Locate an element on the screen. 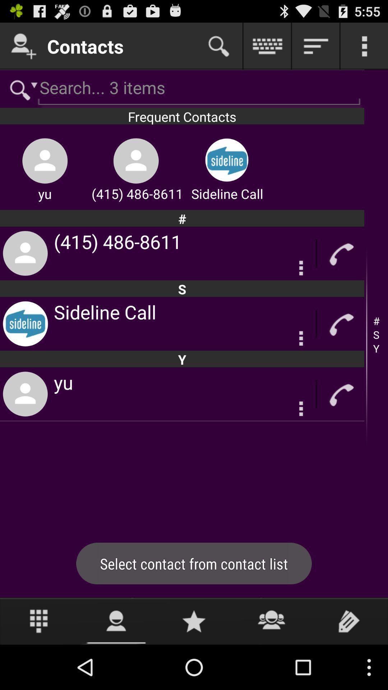 This screenshot has height=690, width=388. the group icon is located at coordinates (272, 664).